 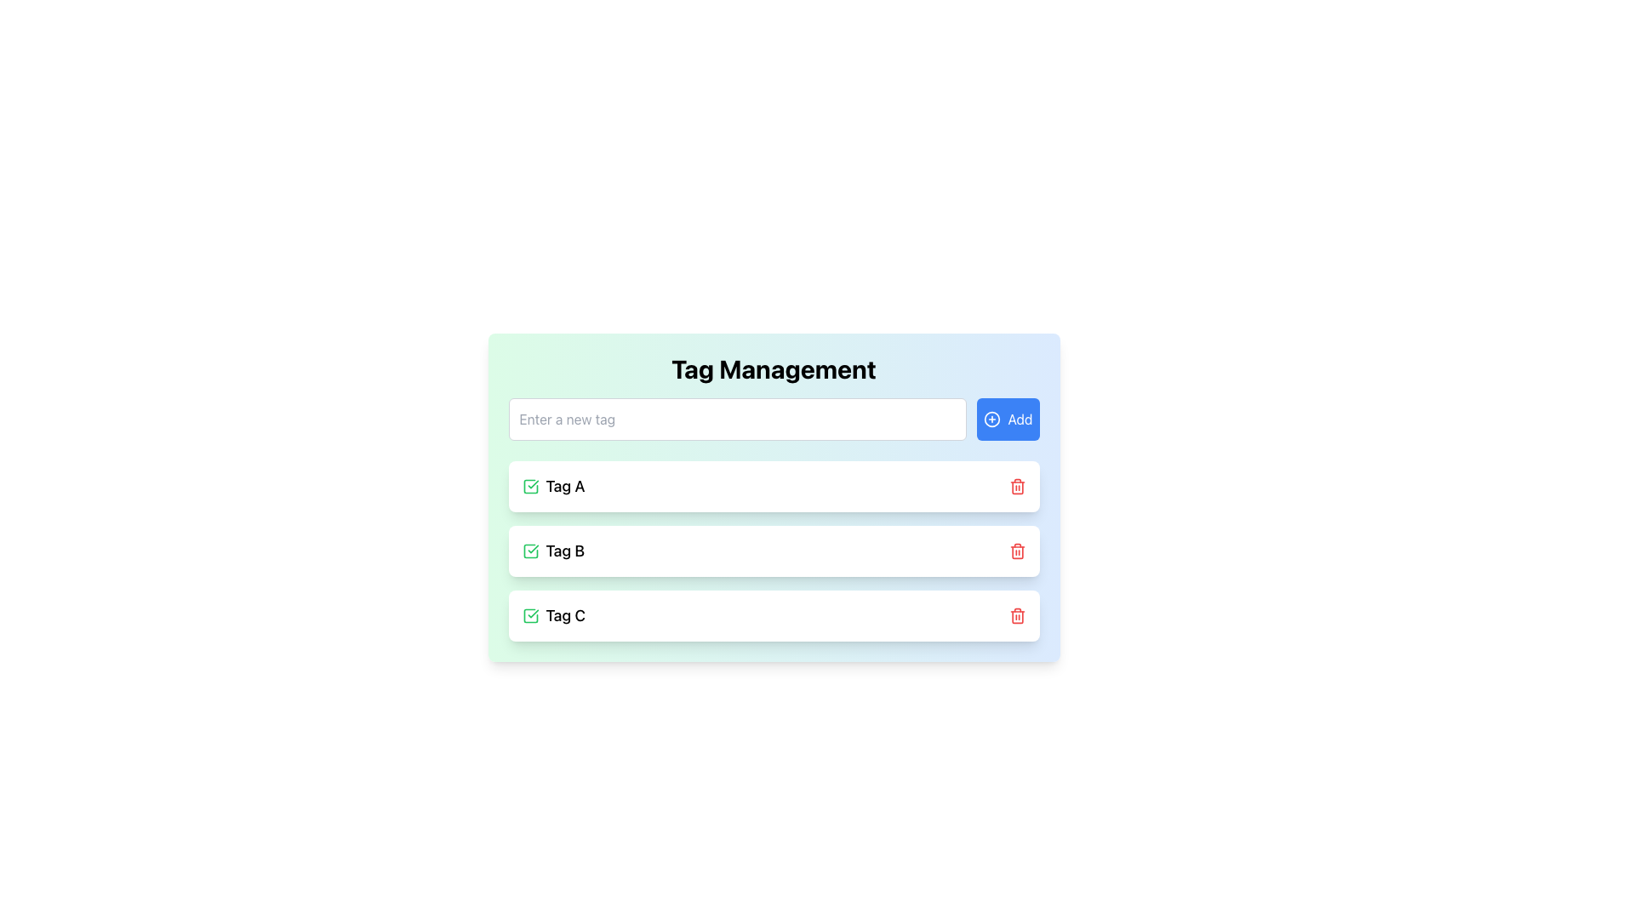 I want to click on the visual indicator of the Checkmark icon associated with 'Tag A', which is located to the left of the text 'Tag A', so click(x=529, y=486).